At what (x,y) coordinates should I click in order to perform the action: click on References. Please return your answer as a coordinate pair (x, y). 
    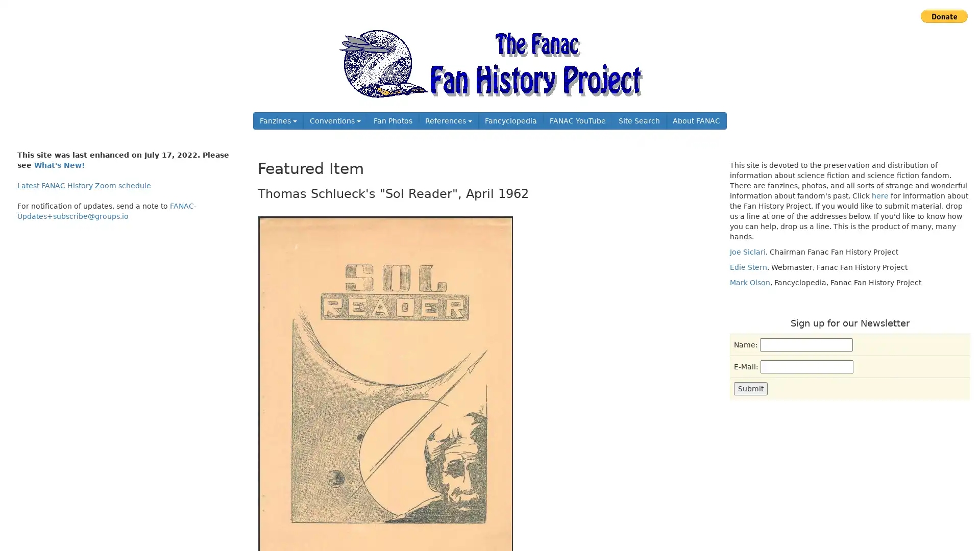
    Looking at the image, I should click on (448, 120).